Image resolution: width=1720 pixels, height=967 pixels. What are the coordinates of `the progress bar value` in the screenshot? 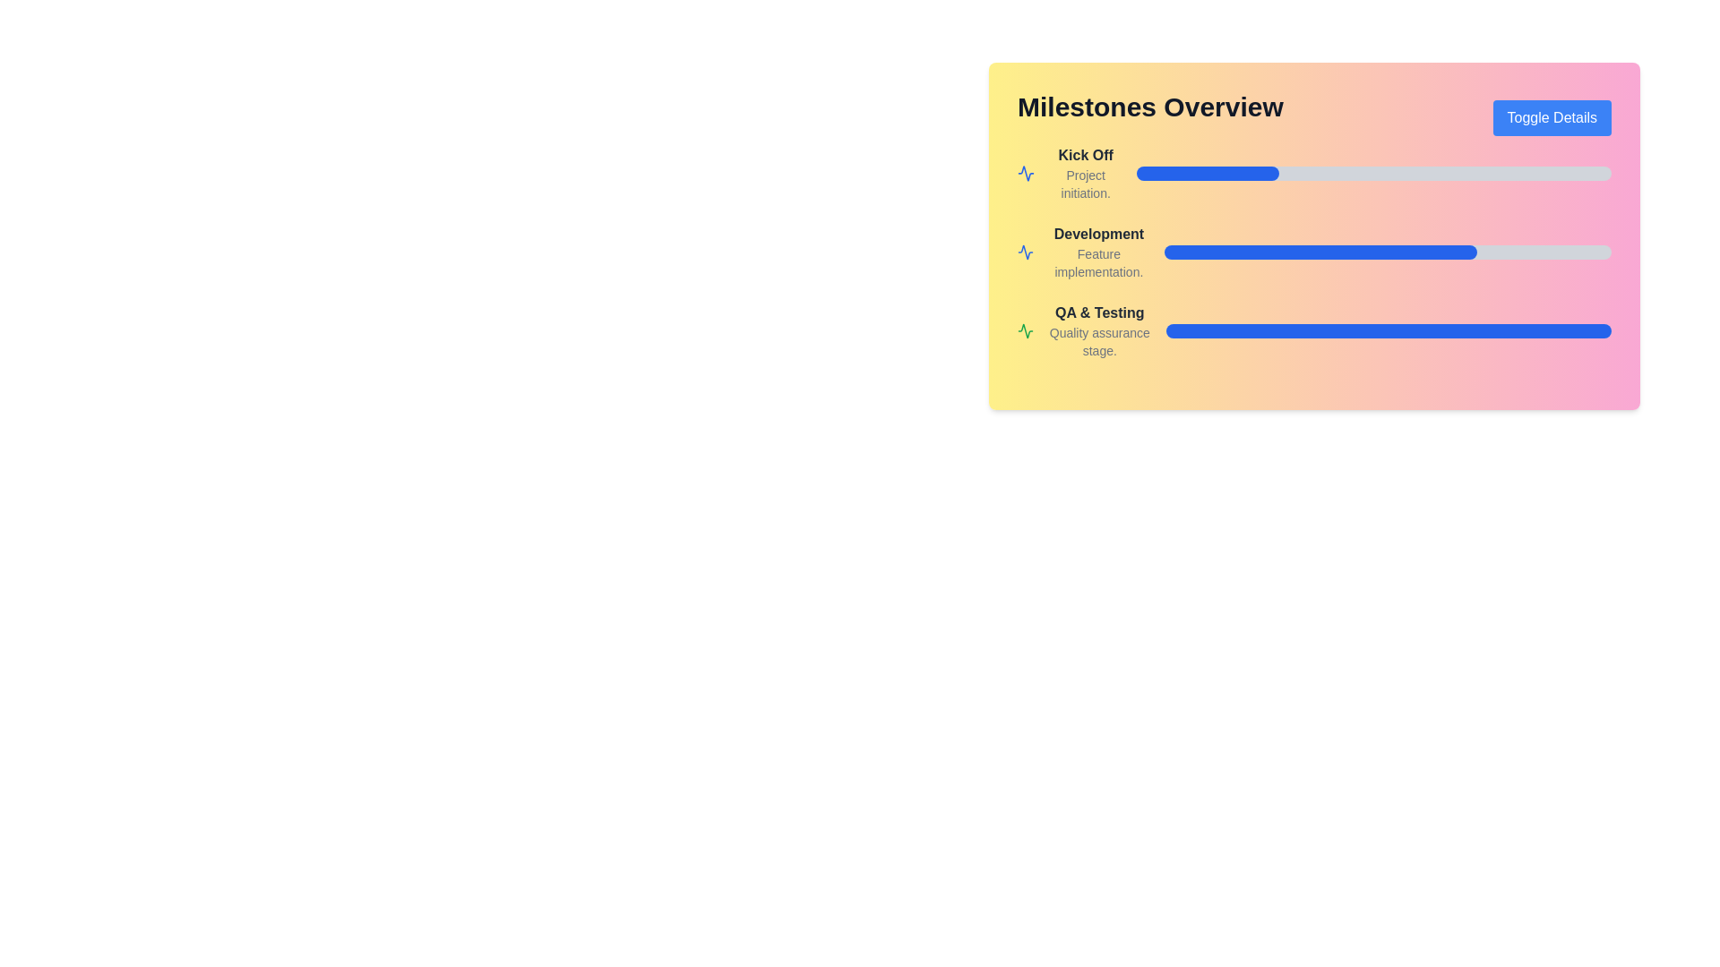 It's located at (1206, 331).